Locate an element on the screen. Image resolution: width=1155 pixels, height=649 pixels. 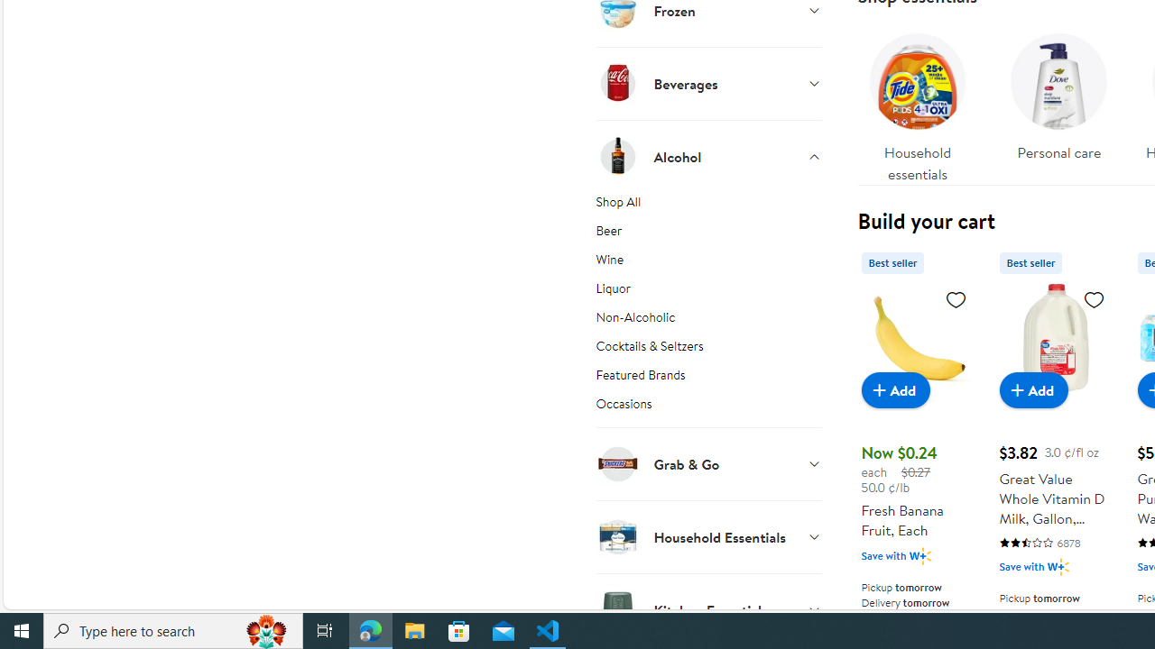
'Featured Brands' is located at coordinates (707, 378).